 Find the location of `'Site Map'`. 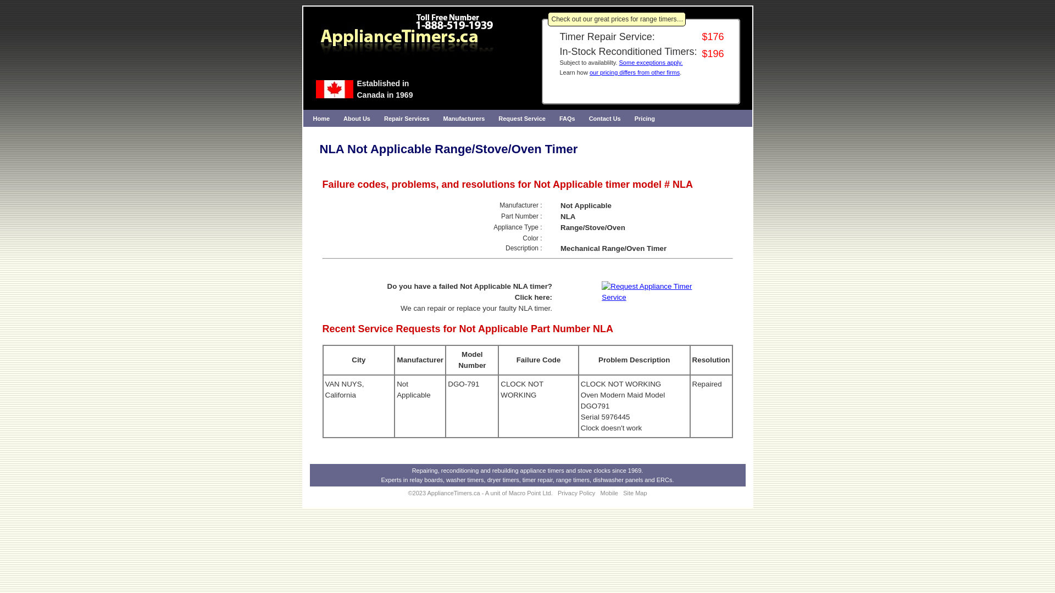

'Site Map' is located at coordinates (635, 493).